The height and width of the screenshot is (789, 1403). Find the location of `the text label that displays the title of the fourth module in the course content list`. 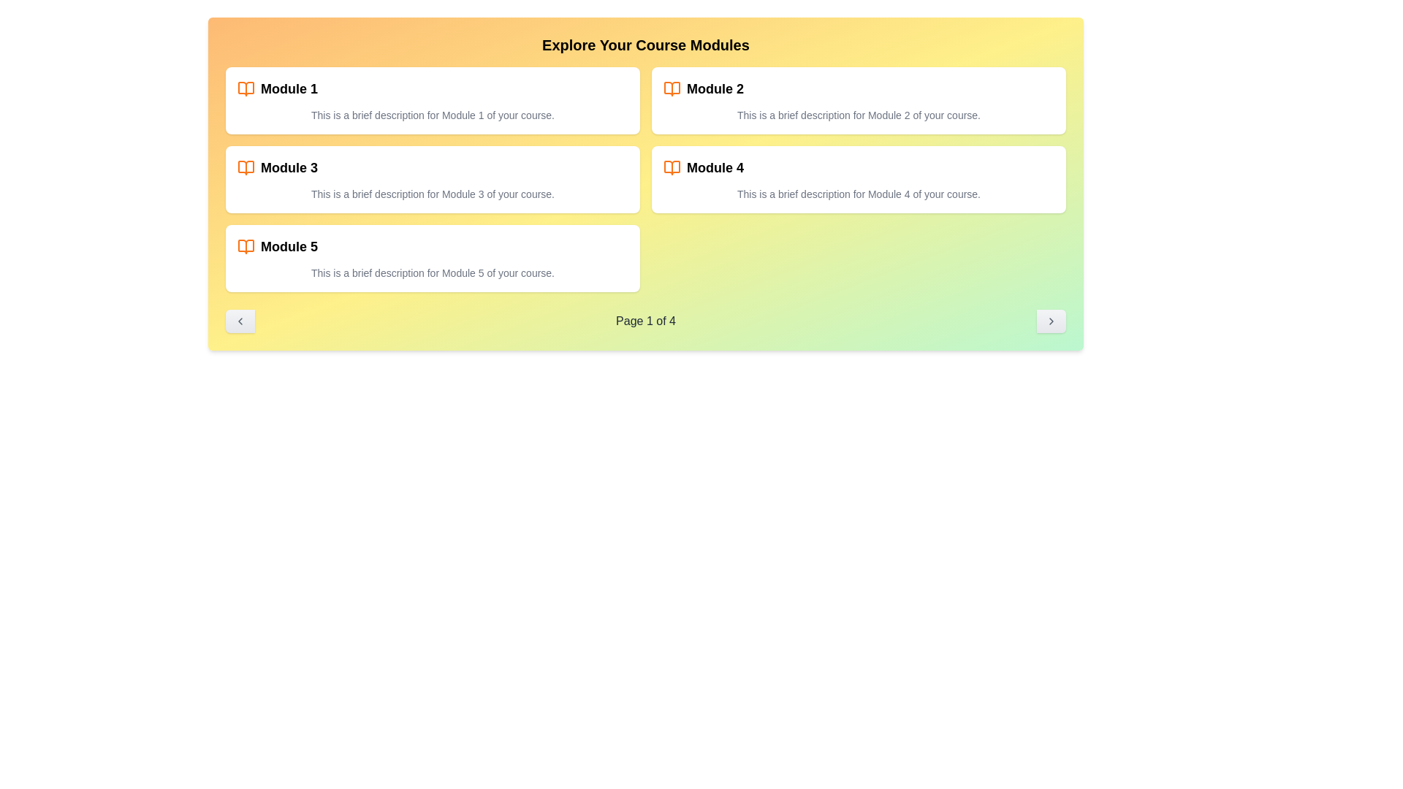

the text label that displays the title of the fourth module in the course content list is located at coordinates (715, 167).